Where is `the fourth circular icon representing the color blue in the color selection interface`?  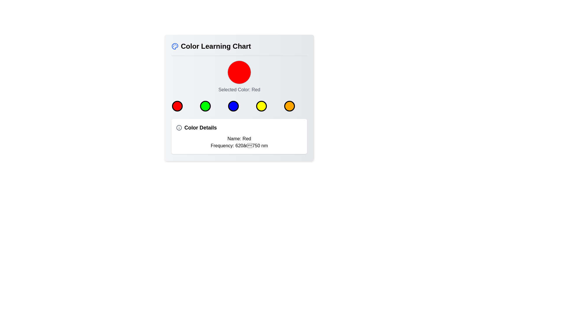
the fourth circular icon representing the color blue in the color selection interface is located at coordinates (233, 106).